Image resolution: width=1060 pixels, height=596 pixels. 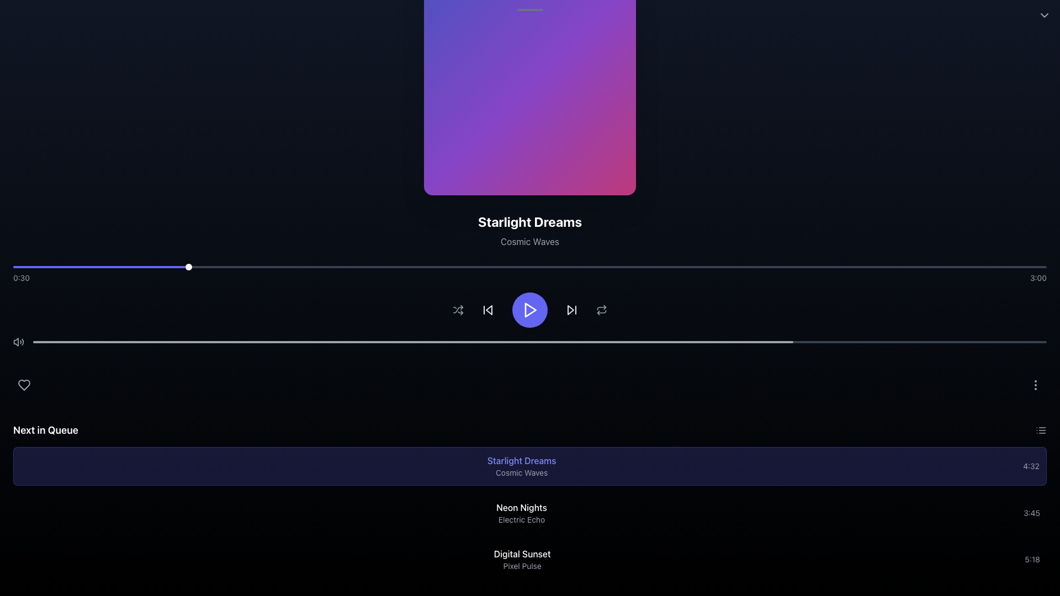 I want to click on the heart-shaped icon located beneath the primary playback controls, which serves as a 'like' or 'favorite' indicator for marking content, so click(x=24, y=385).